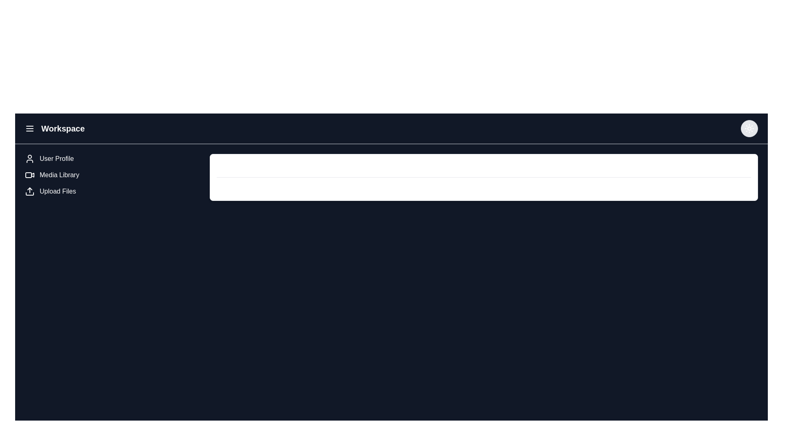 The image size is (785, 441). Describe the element at coordinates (59, 174) in the screenshot. I see `the second menu item in the vertical list of sidebar options` at that location.